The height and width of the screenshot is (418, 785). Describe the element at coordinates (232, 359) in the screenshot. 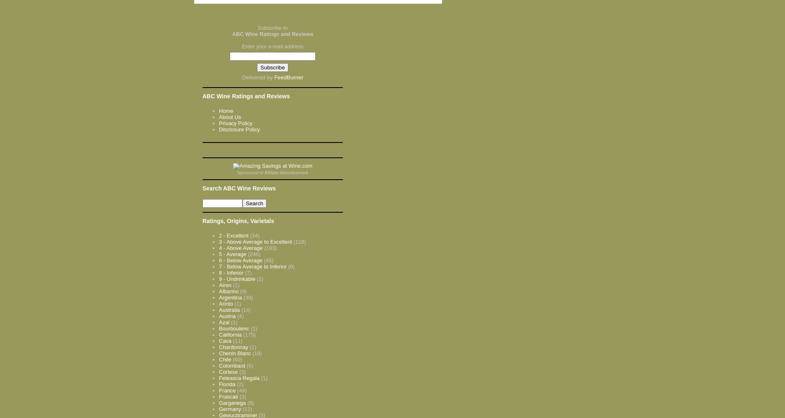

I see `'(60)'` at that location.